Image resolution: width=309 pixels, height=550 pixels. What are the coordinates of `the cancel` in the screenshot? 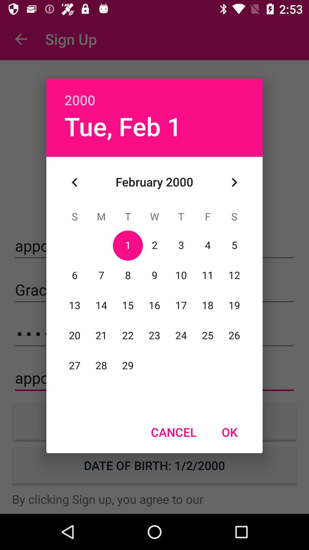 It's located at (173, 432).